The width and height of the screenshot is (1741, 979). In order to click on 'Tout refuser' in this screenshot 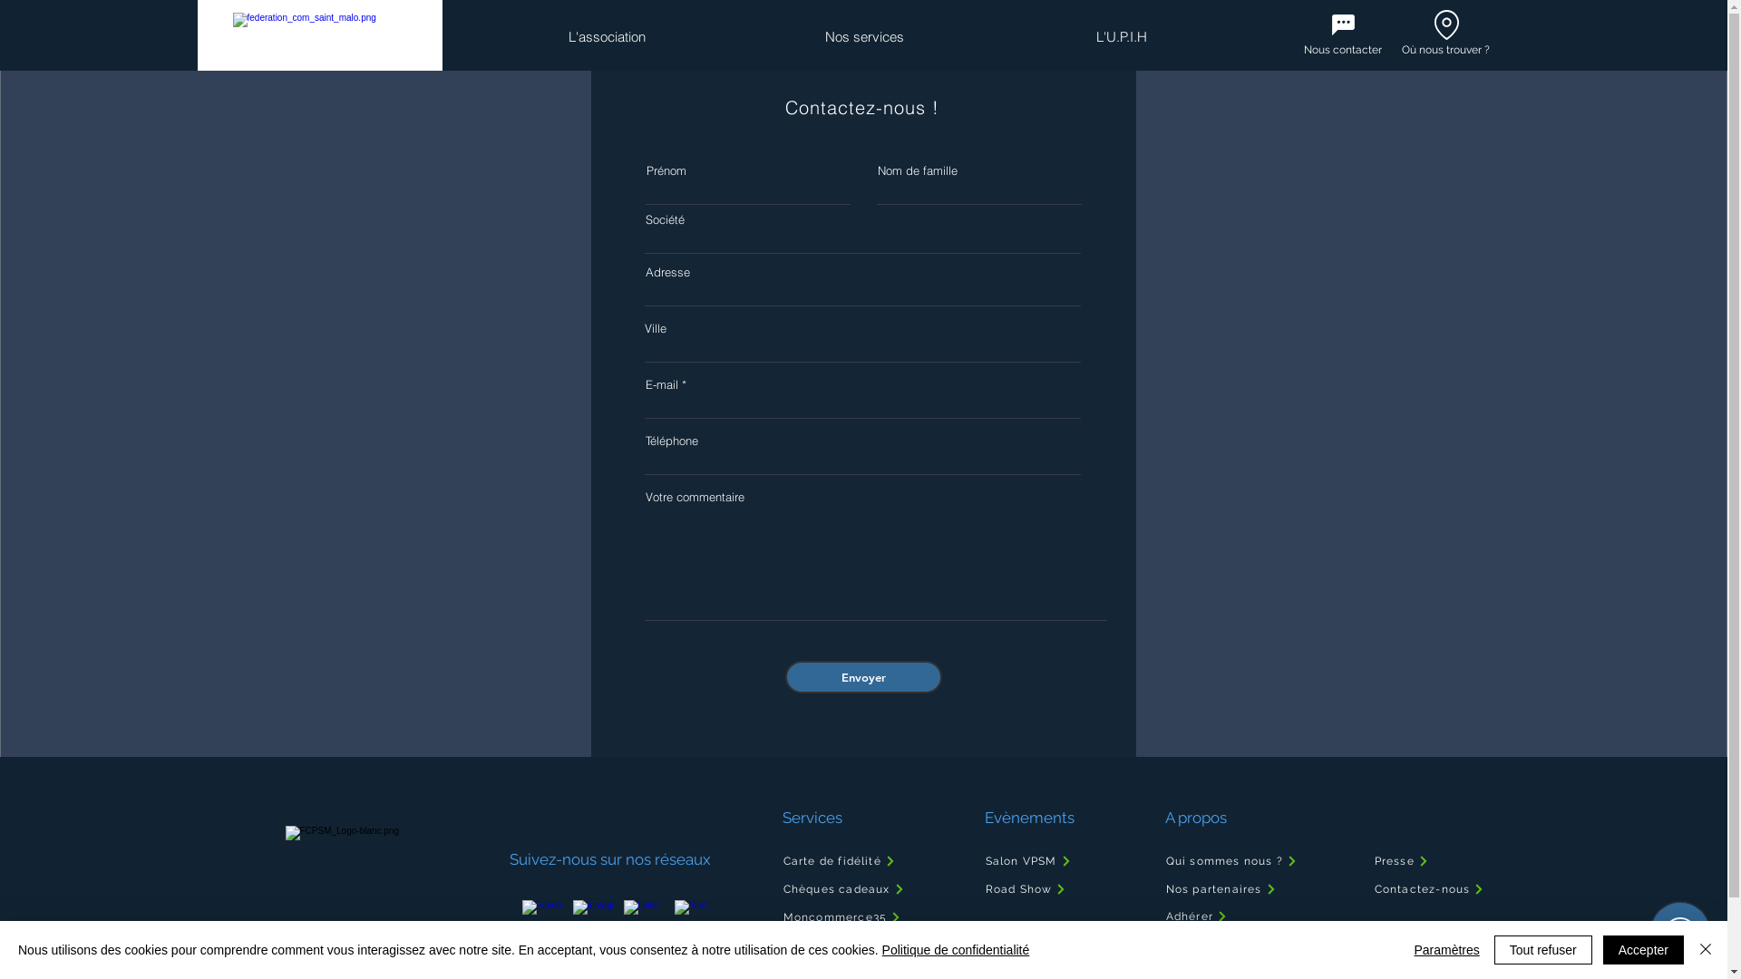, I will do `click(1542, 949)`.